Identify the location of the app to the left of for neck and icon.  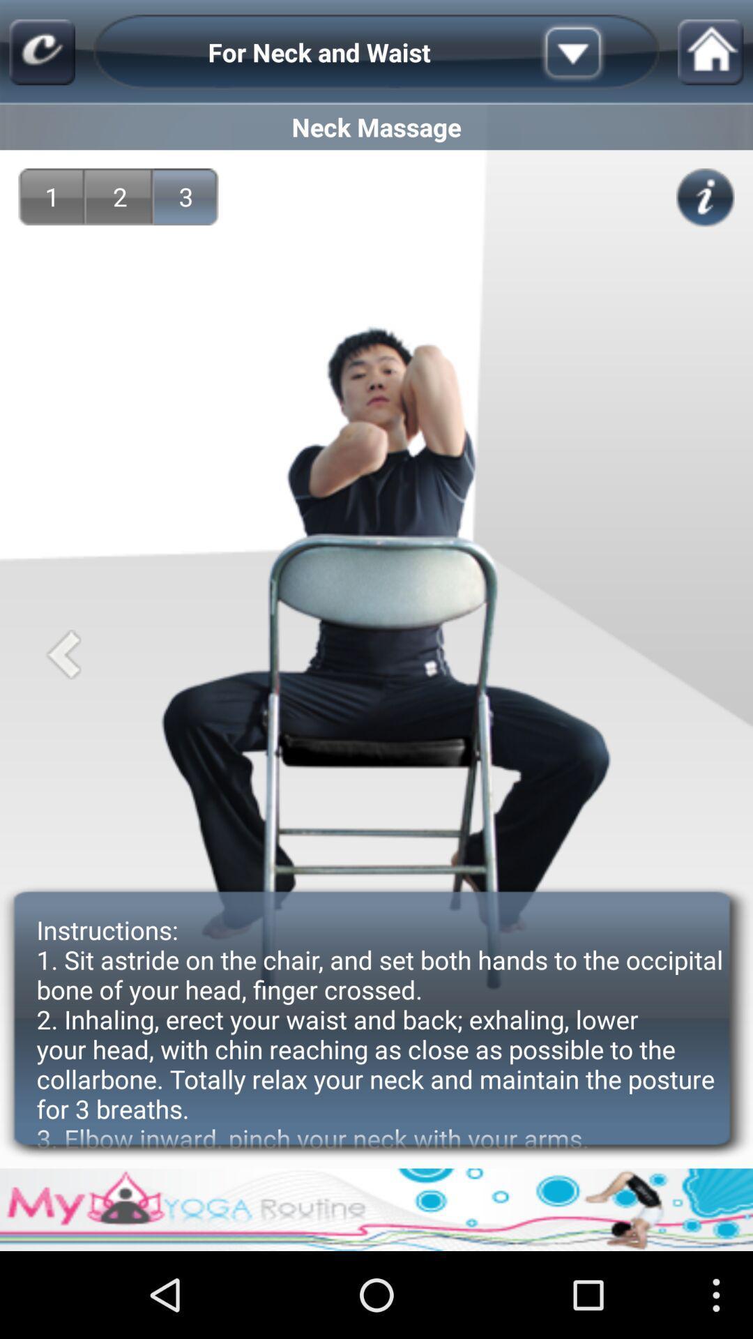
(41, 52).